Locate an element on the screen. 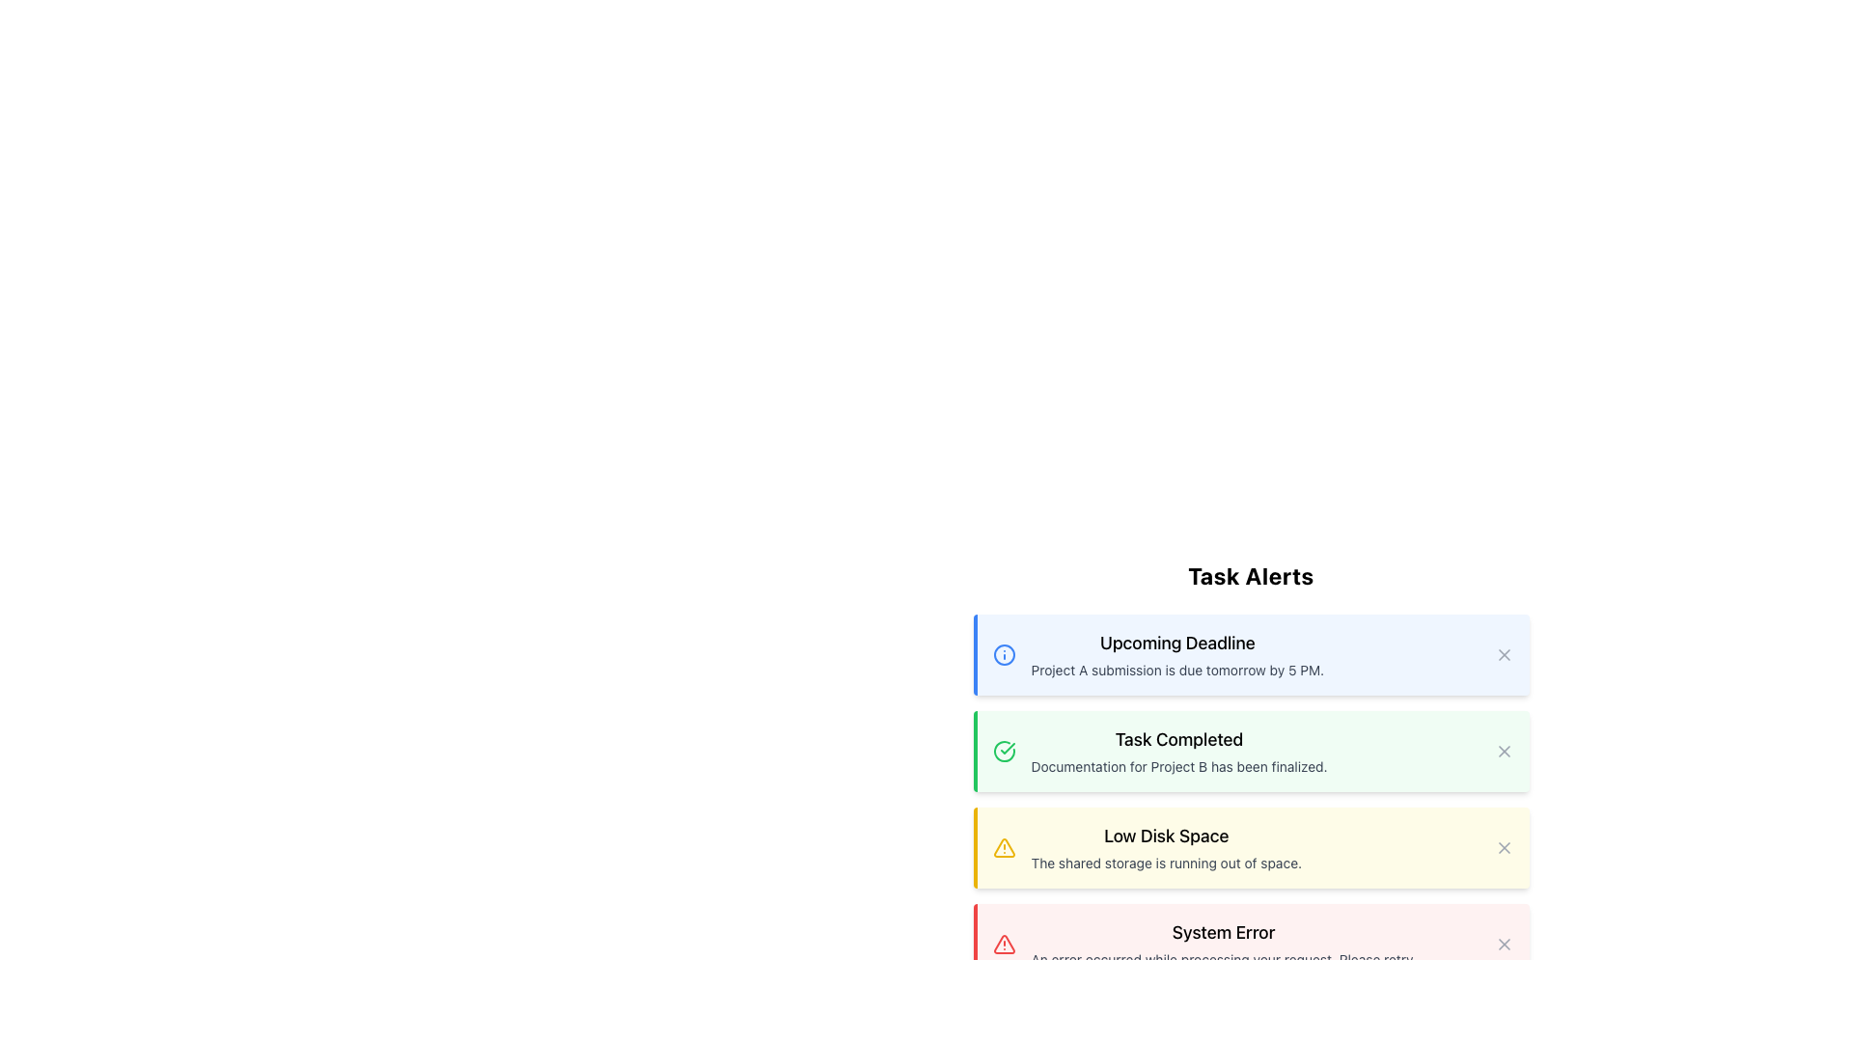  the oblique line of the 'X' symbol located in the top-right corner of the blue panel titled 'Upcoming Deadline' is located at coordinates (1503, 653).